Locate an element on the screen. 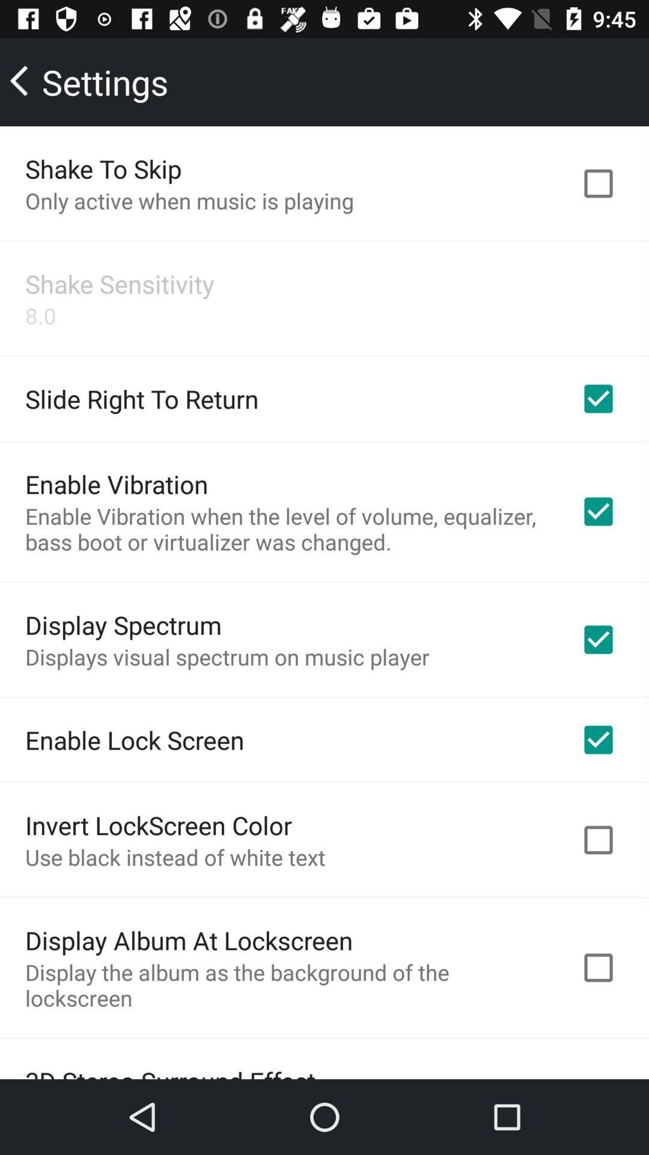 The width and height of the screenshot is (649, 1155). the item below the enable lock screen item is located at coordinates (157, 824).